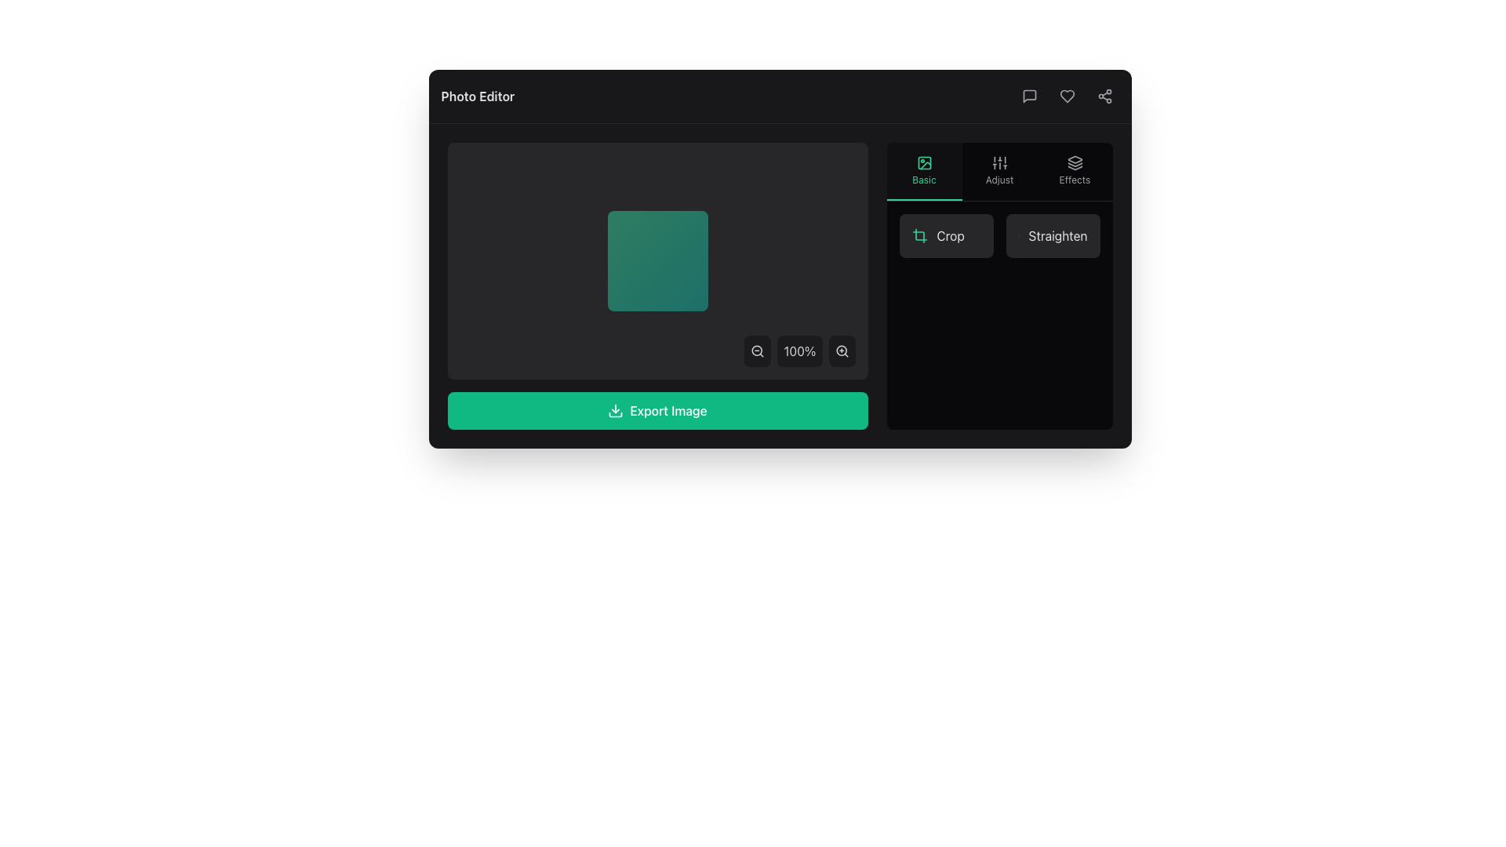  I want to click on the vertical sliders control icon located second from the left in the 'Adjust' section of the toolbar on the right side of the interface, so click(999, 163).